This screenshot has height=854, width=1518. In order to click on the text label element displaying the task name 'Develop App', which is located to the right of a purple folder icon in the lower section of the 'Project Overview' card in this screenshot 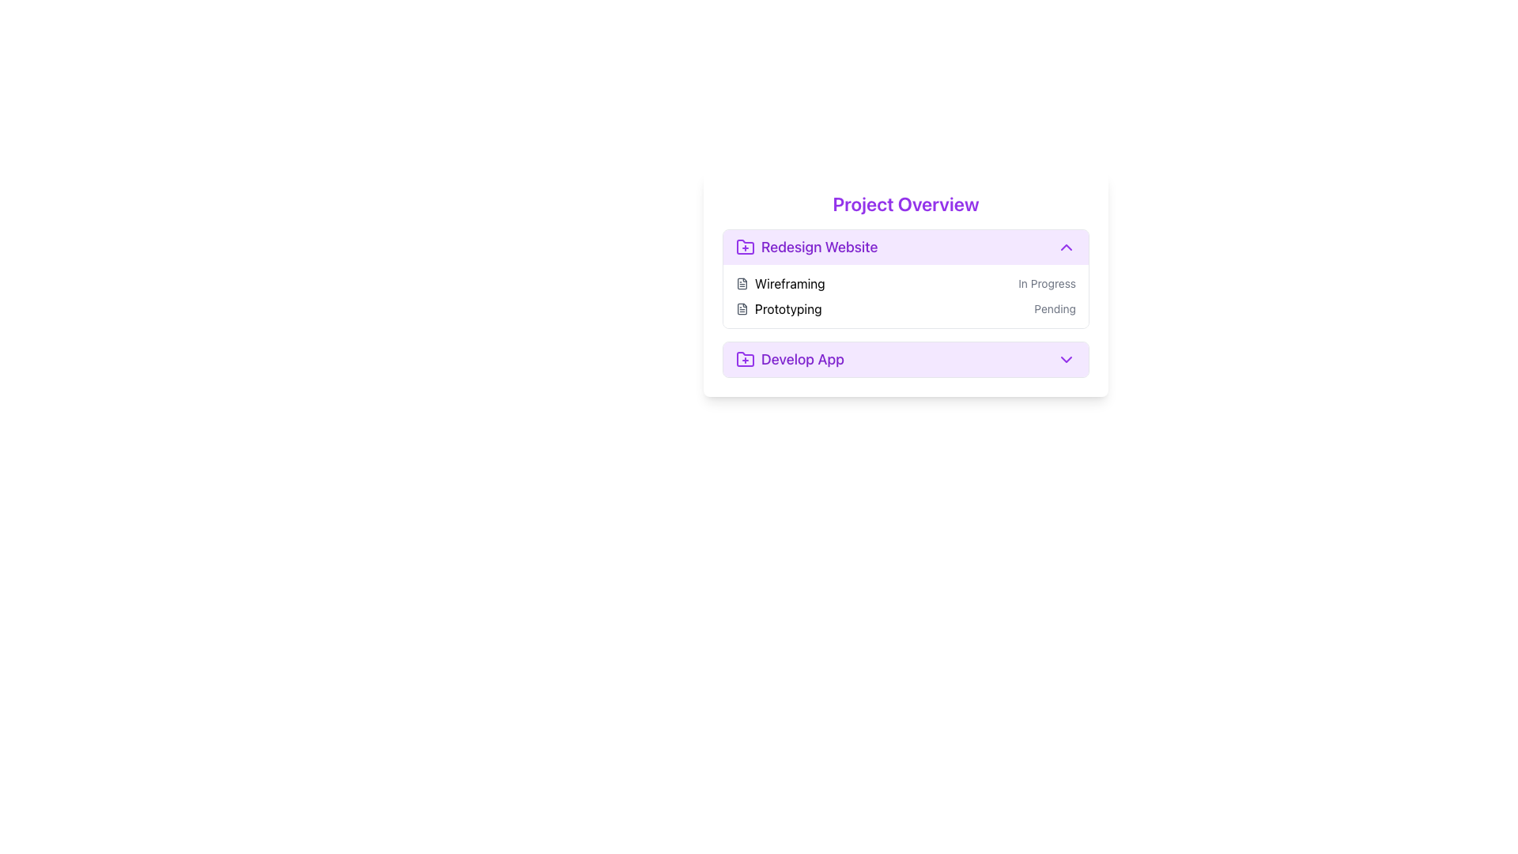, I will do `click(802, 360)`.